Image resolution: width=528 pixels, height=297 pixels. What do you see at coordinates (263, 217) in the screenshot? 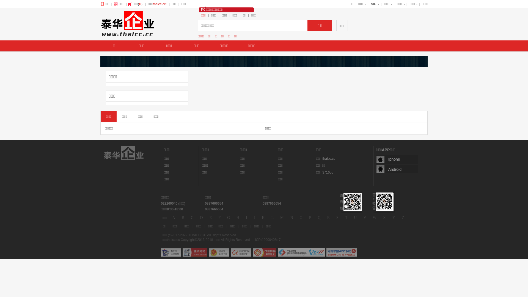
I see `'K'` at bounding box center [263, 217].